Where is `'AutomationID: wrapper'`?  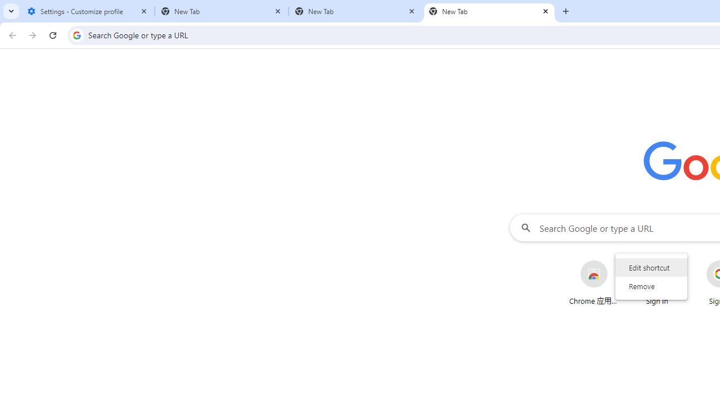
'AutomationID: wrapper' is located at coordinates (651, 276).